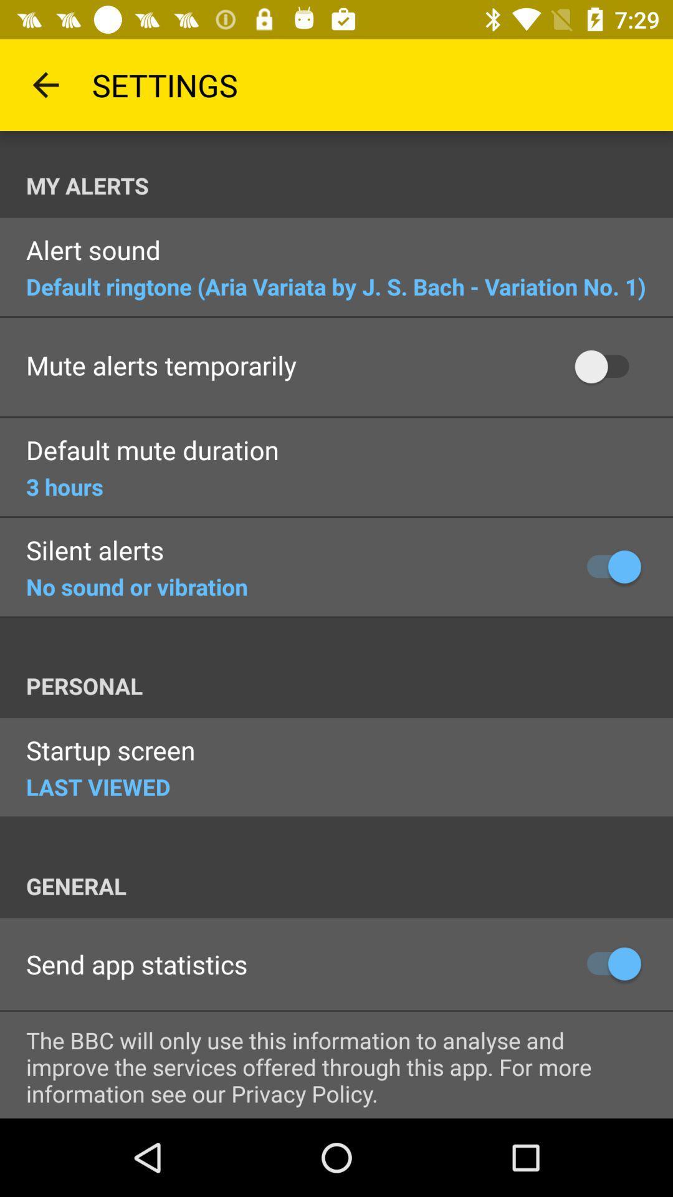  Describe the element at coordinates (110, 751) in the screenshot. I see `the startup screen icon` at that location.